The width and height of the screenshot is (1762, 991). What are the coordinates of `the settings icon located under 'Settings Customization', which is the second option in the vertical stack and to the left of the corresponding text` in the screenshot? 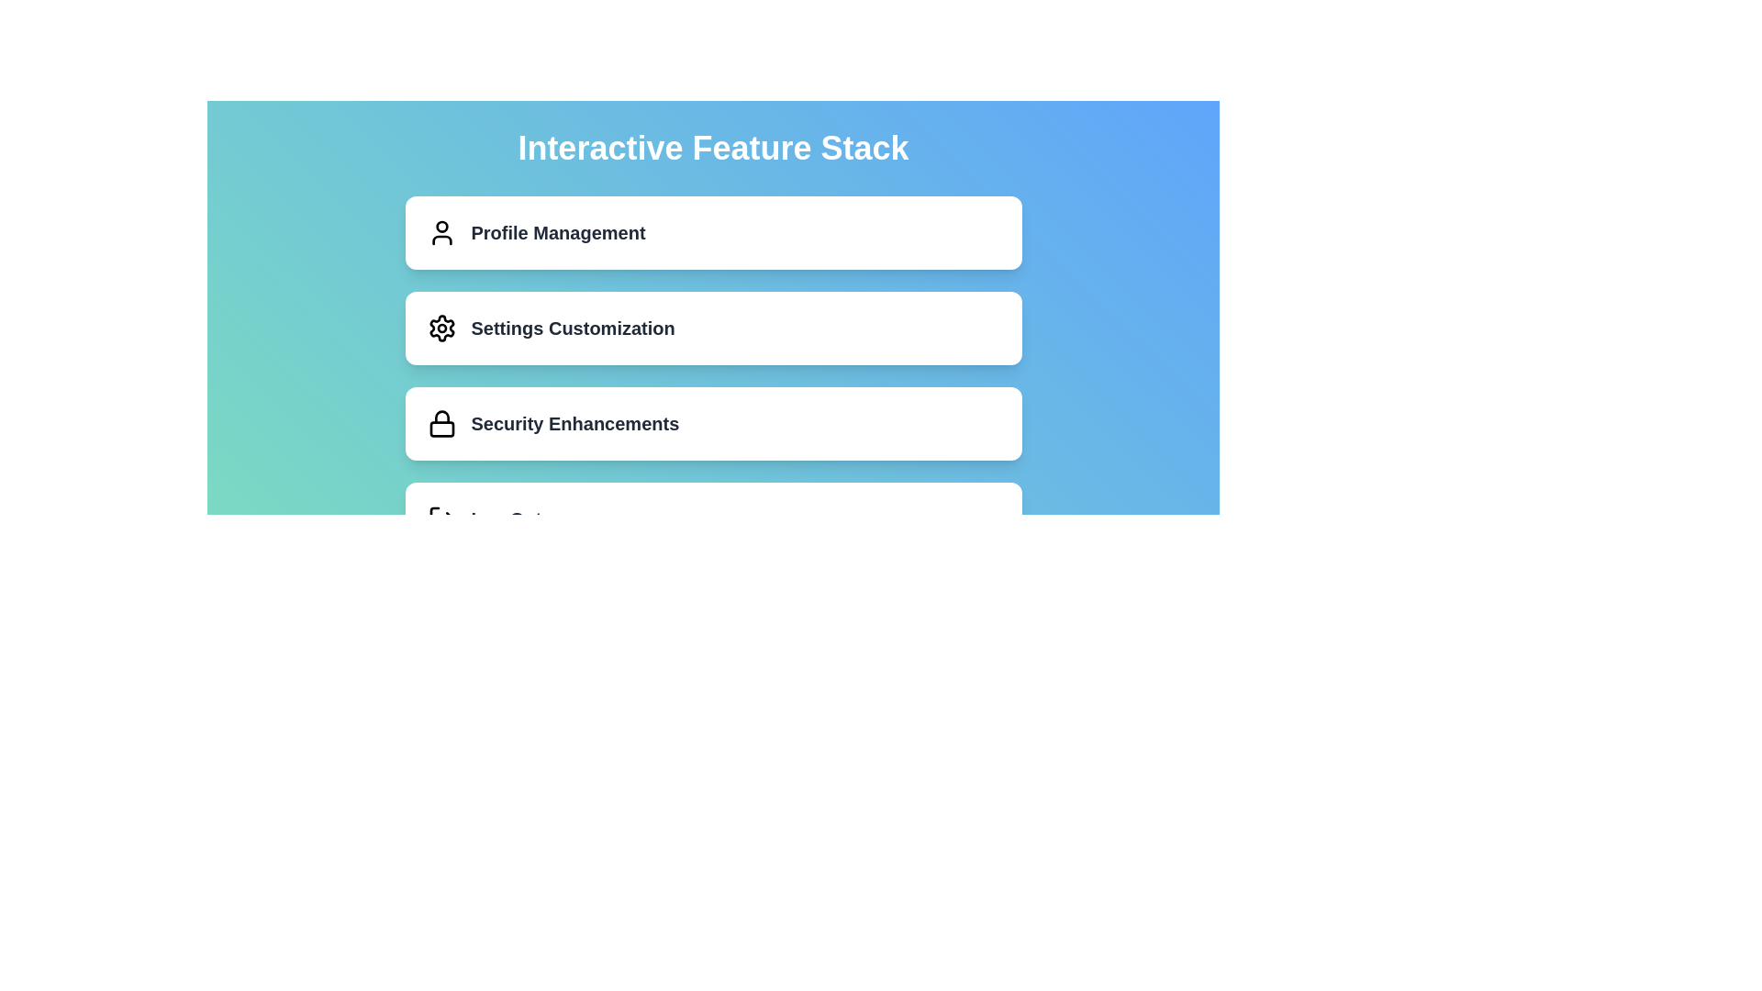 It's located at (441, 328).